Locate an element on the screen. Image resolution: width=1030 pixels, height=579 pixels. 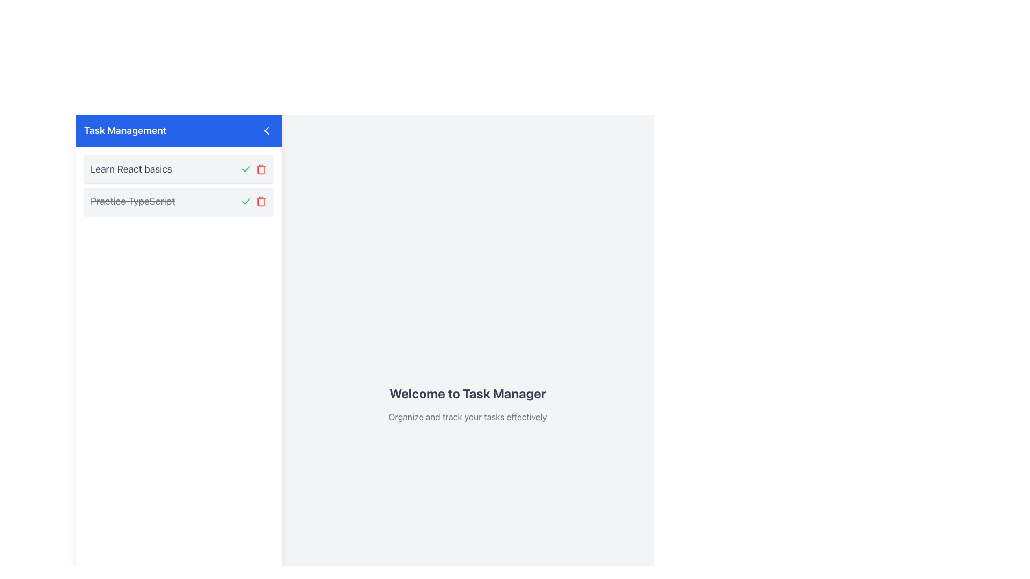
the SVG chevron-left icon located in the navigation panel at the top left of the interface, adjacent to the 'Task Management' label is located at coordinates (267, 130).